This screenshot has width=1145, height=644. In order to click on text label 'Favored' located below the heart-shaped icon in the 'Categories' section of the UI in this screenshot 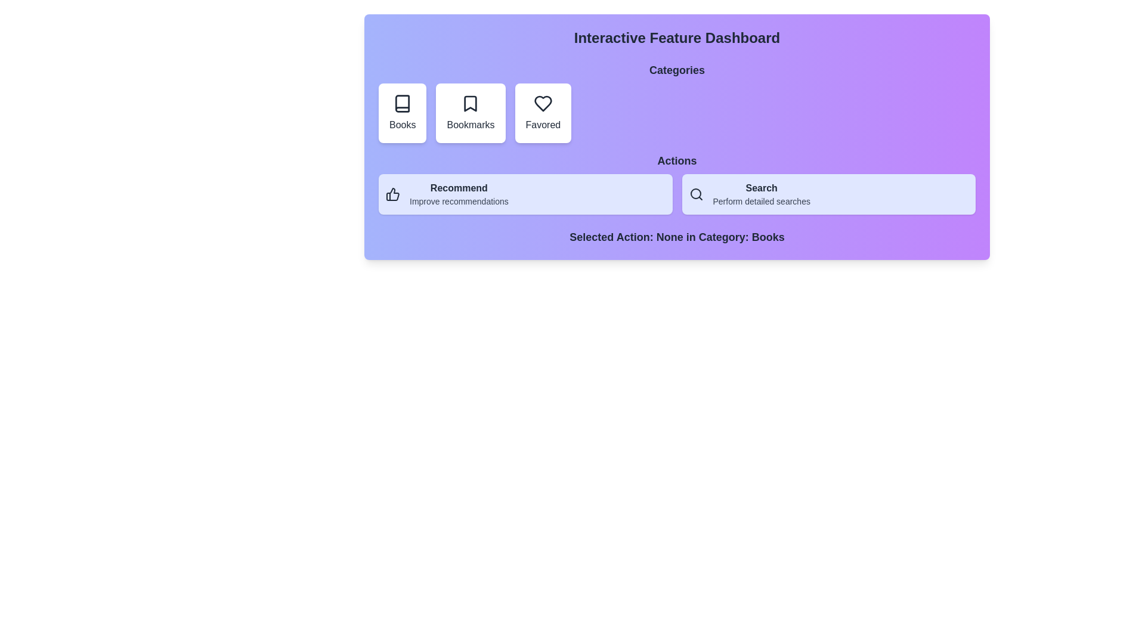, I will do `click(542, 125)`.